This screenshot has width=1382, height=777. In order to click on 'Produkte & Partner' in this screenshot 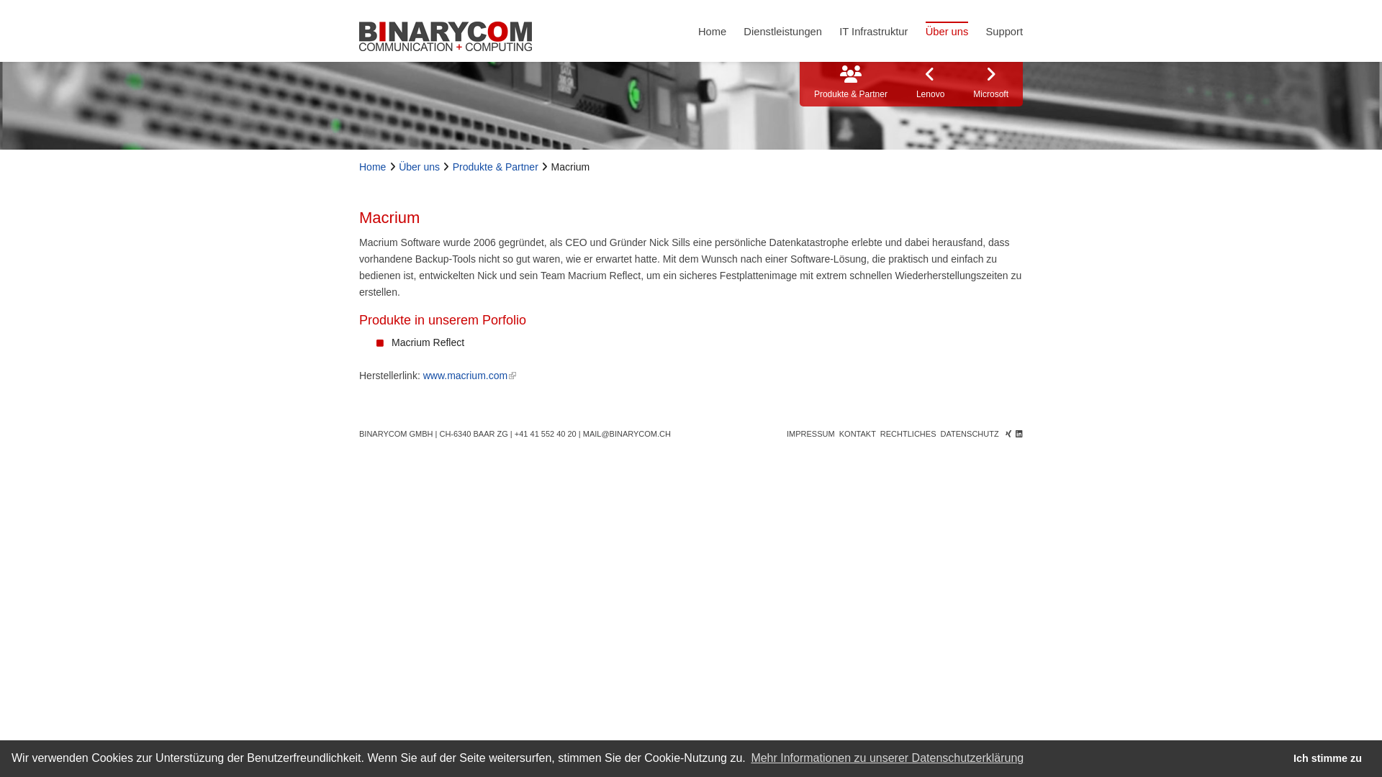, I will do `click(850, 83)`.